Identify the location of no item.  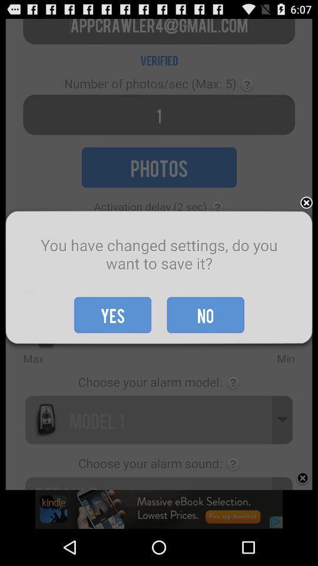
(205, 314).